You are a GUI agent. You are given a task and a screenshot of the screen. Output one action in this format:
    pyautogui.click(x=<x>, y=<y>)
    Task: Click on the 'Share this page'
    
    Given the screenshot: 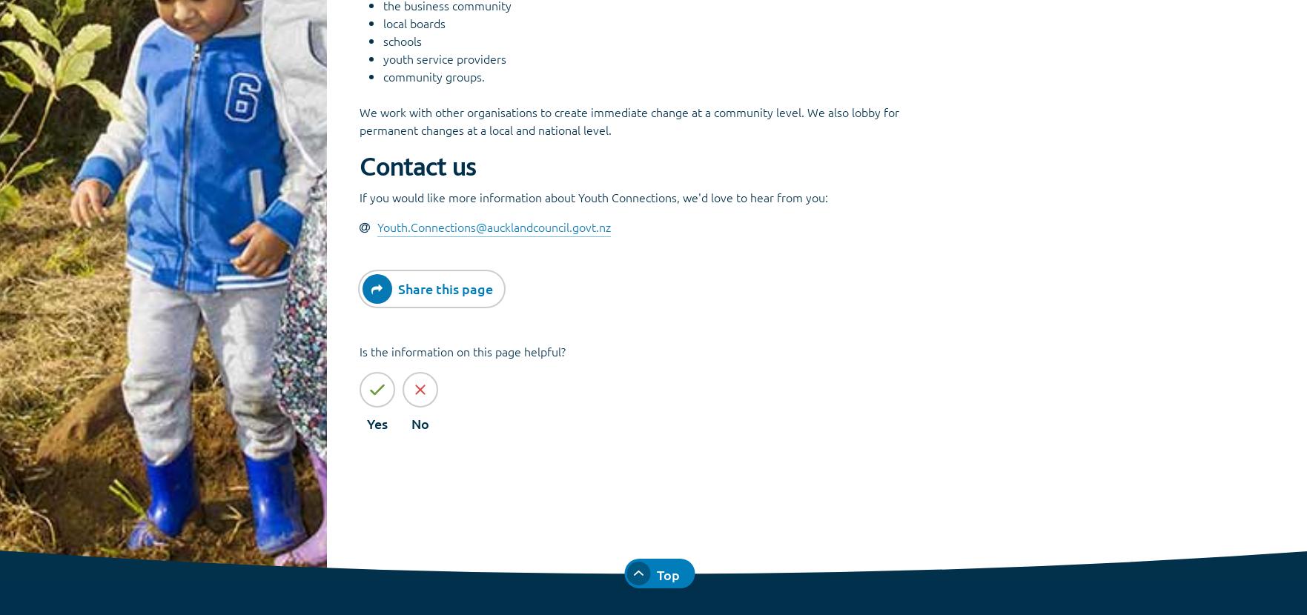 What is the action you would take?
    pyautogui.click(x=397, y=287)
    